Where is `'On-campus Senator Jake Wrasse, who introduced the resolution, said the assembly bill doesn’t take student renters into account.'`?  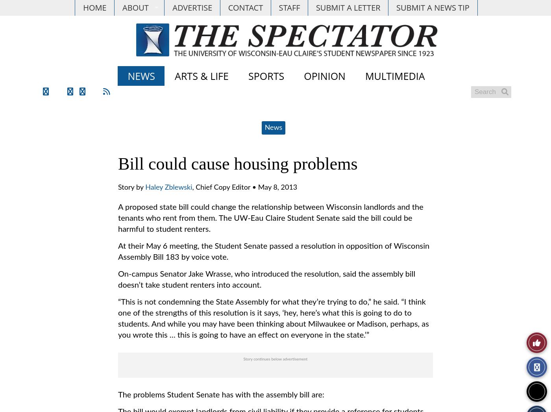
'On-campus Senator Jake Wrasse, who introduced the resolution, said the assembly bill doesn’t take student renters into account.' is located at coordinates (266, 279).